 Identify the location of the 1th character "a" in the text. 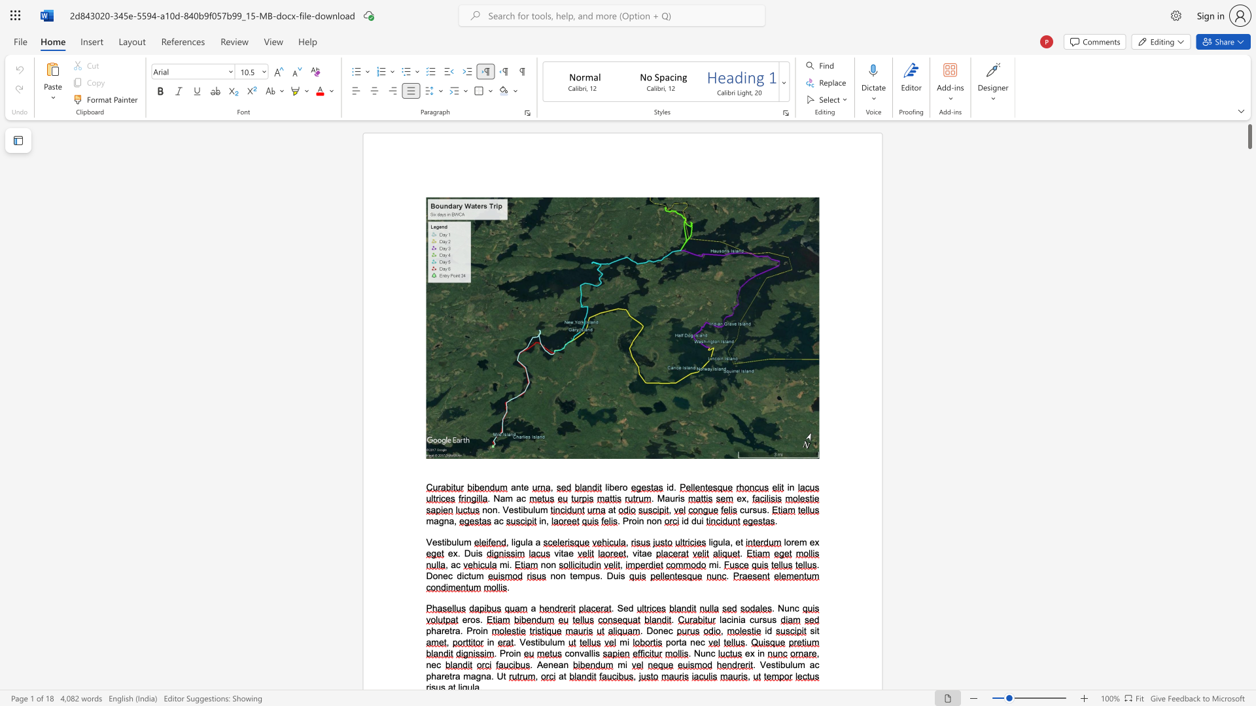
(530, 542).